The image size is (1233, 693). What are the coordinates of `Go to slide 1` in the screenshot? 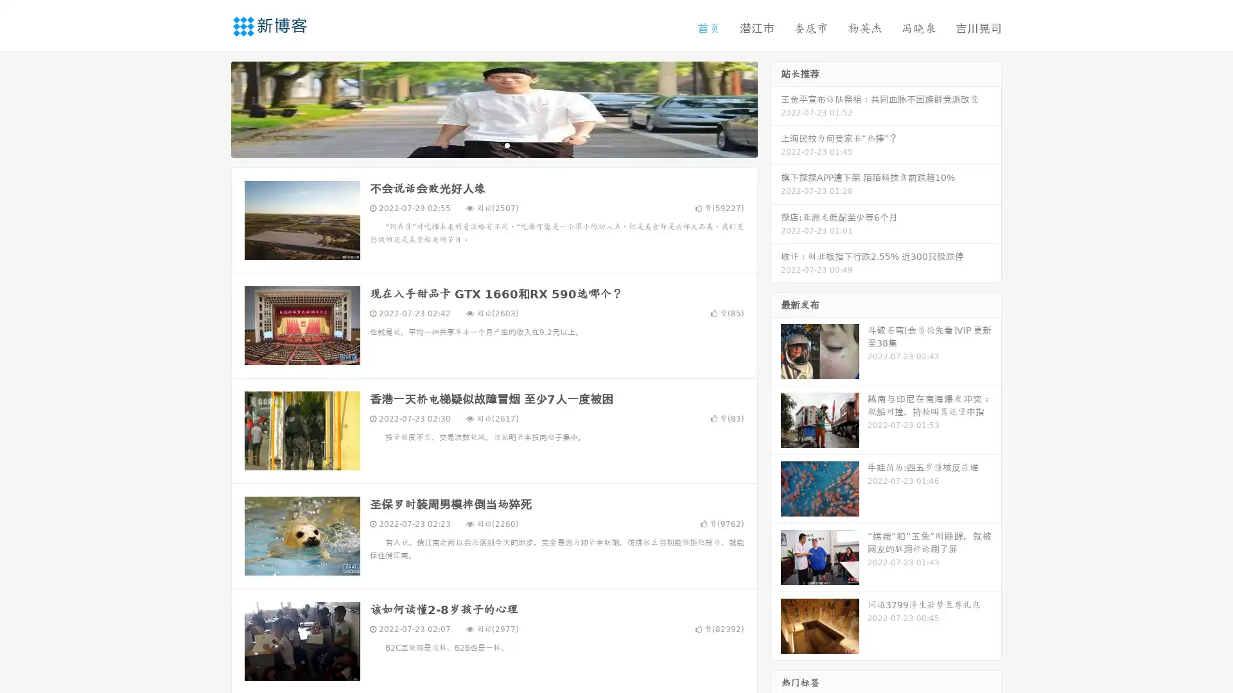 It's located at (480, 144).